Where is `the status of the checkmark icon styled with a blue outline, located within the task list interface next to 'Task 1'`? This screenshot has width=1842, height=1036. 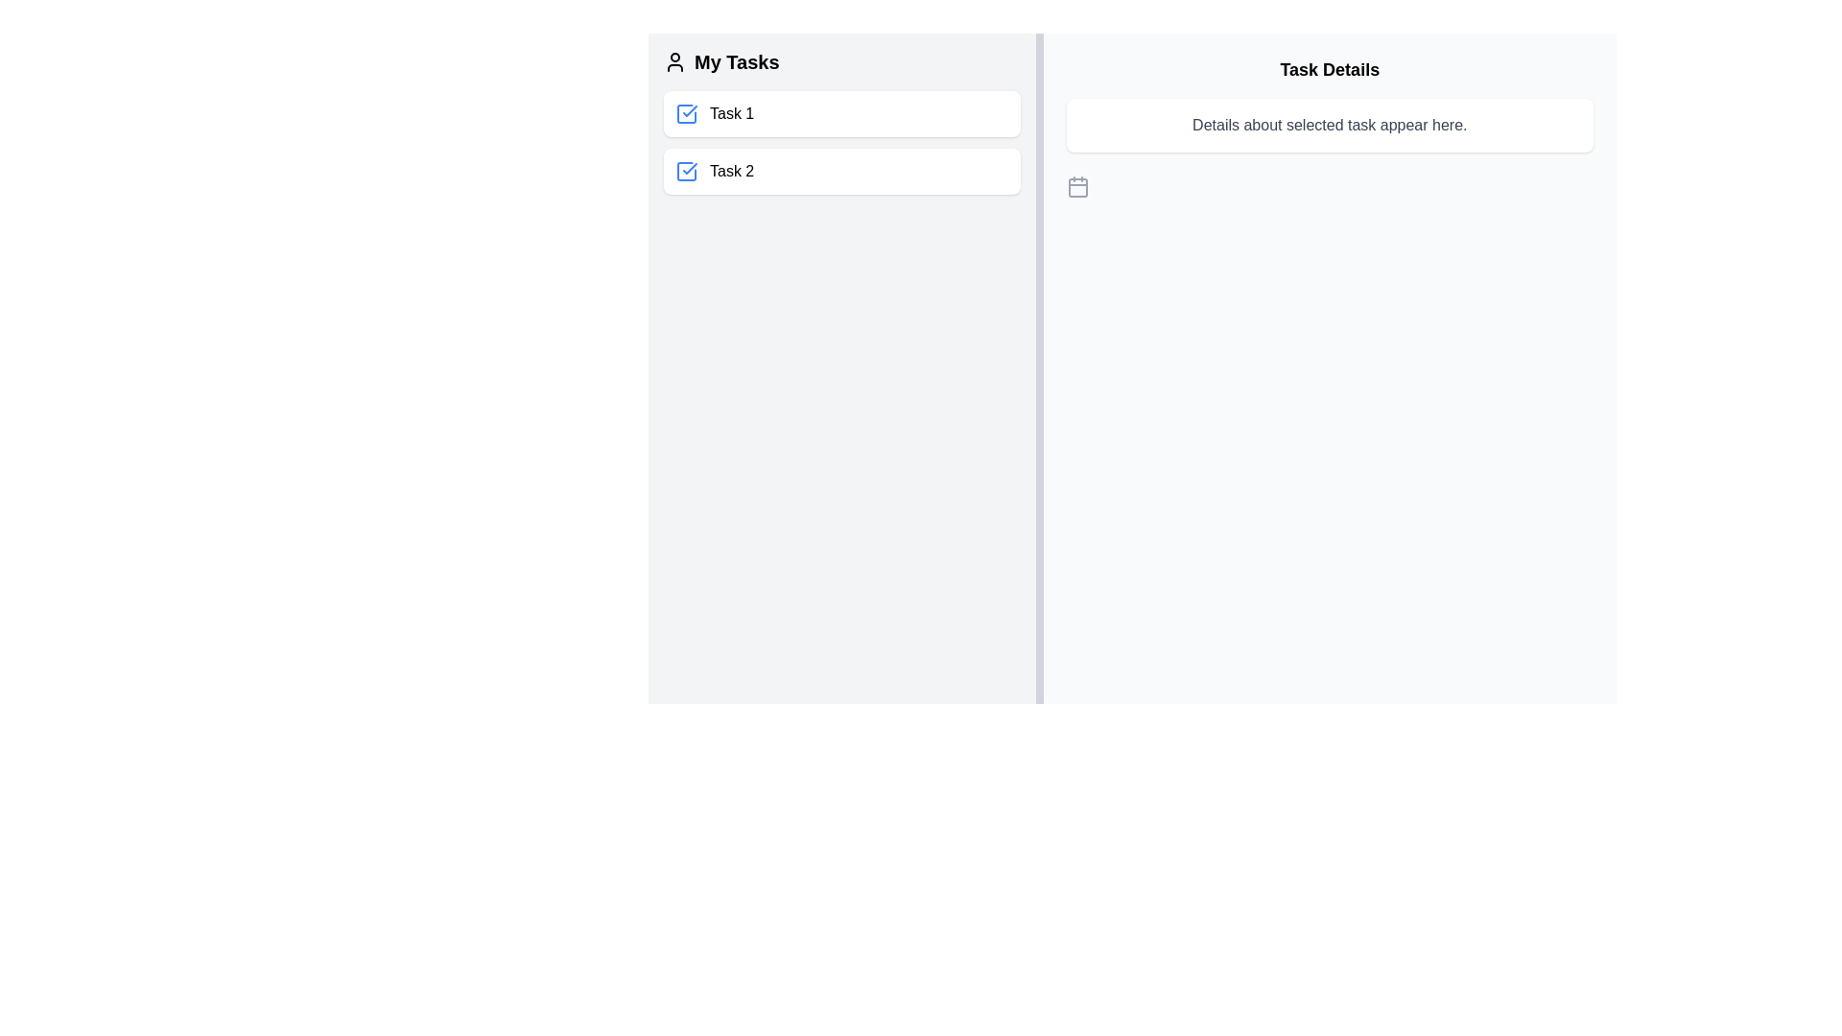 the status of the checkmark icon styled with a blue outline, located within the task list interface next to 'Task 1' is located at coordinates (686, 114).